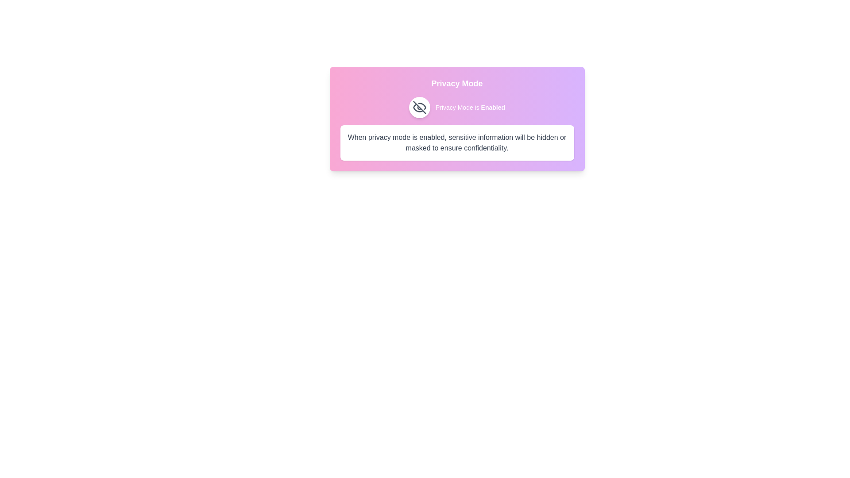 The height and width of the screenshot is (478, 850). Describe the element at coordinates (419, 107) in the screenshot. I see `toggle button to change the privacy mode state` at that location.